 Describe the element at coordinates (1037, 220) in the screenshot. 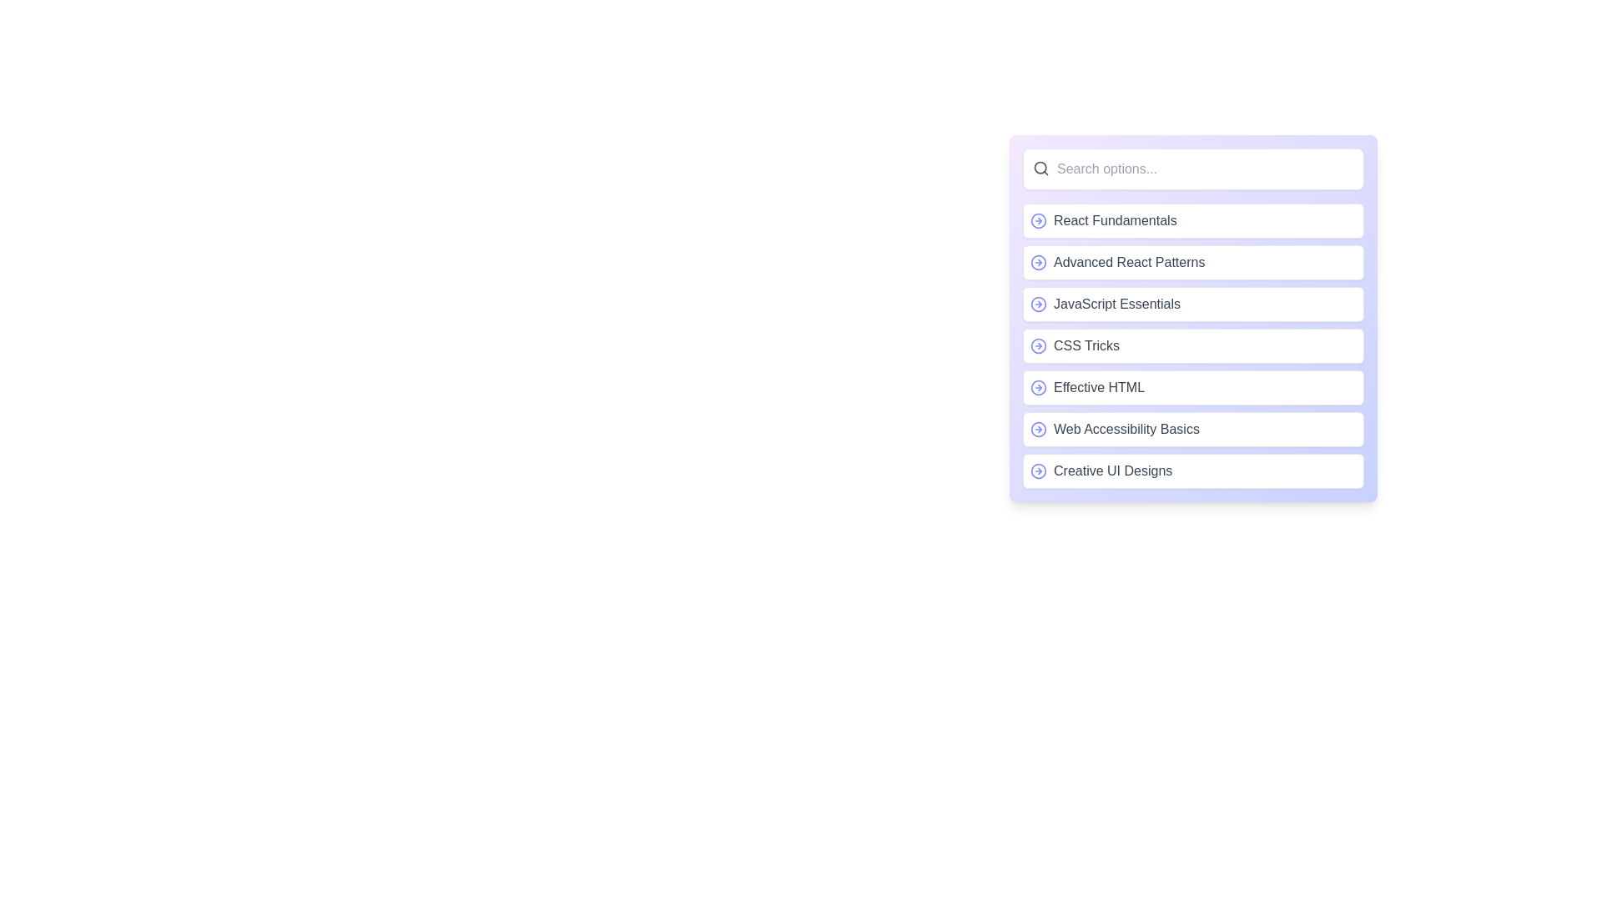

I see `the 'circle-arrow-right' icon indicating navigation located next to the 'React Fundamentals' text for accessibility navigation` at that location.